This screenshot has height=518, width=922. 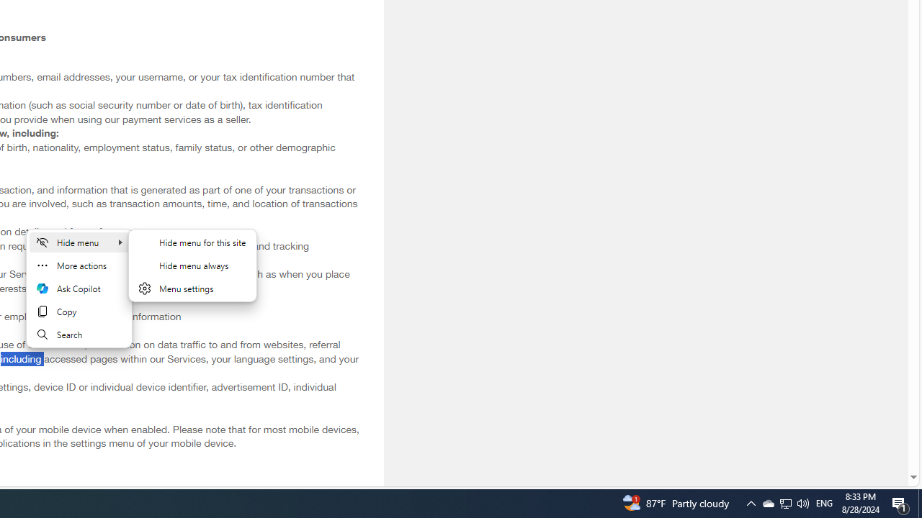 What do you see at coordinates (79, 296) in the screenshot?
I see `'Mini menu on text selection'` at bounding box center [79, 296].